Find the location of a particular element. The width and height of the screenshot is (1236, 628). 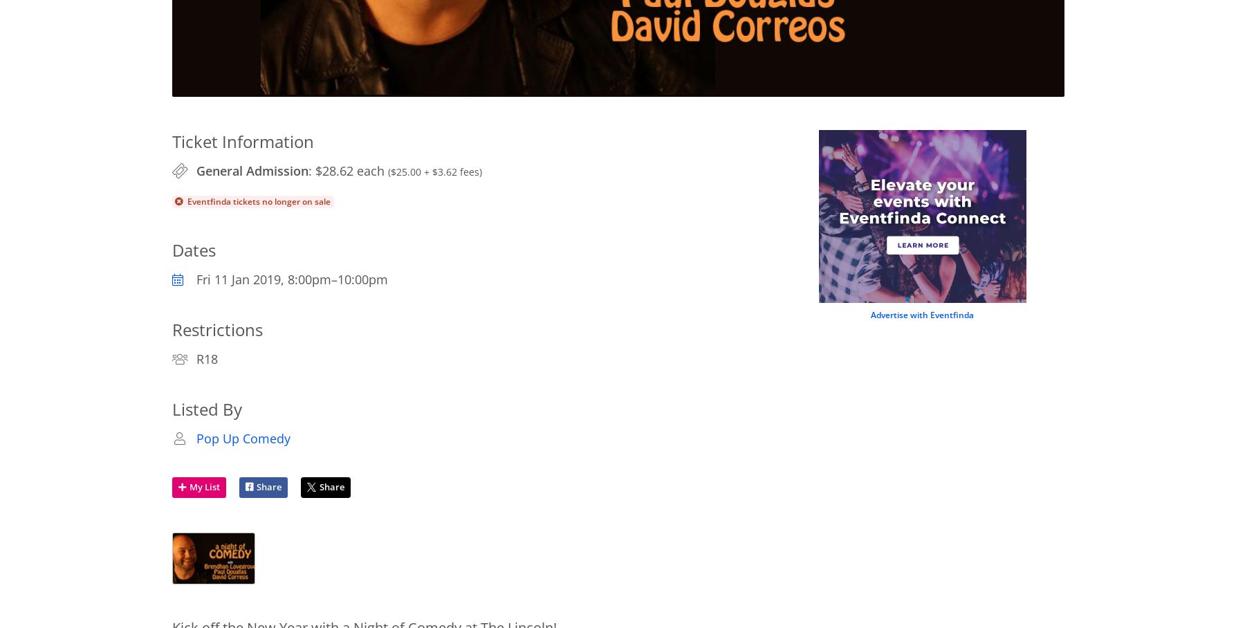

'My List' is located at coordinates (188, 486).